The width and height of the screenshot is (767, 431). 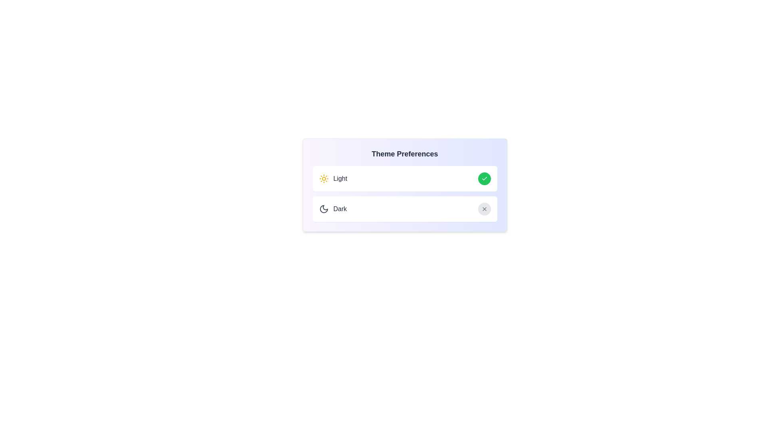 What do you see at coordinates (484, 209) in the screenshot?
I see `the gray cross button associated with the 'Dark' theme to toggle its activation state` at bounding box center [484, 209].